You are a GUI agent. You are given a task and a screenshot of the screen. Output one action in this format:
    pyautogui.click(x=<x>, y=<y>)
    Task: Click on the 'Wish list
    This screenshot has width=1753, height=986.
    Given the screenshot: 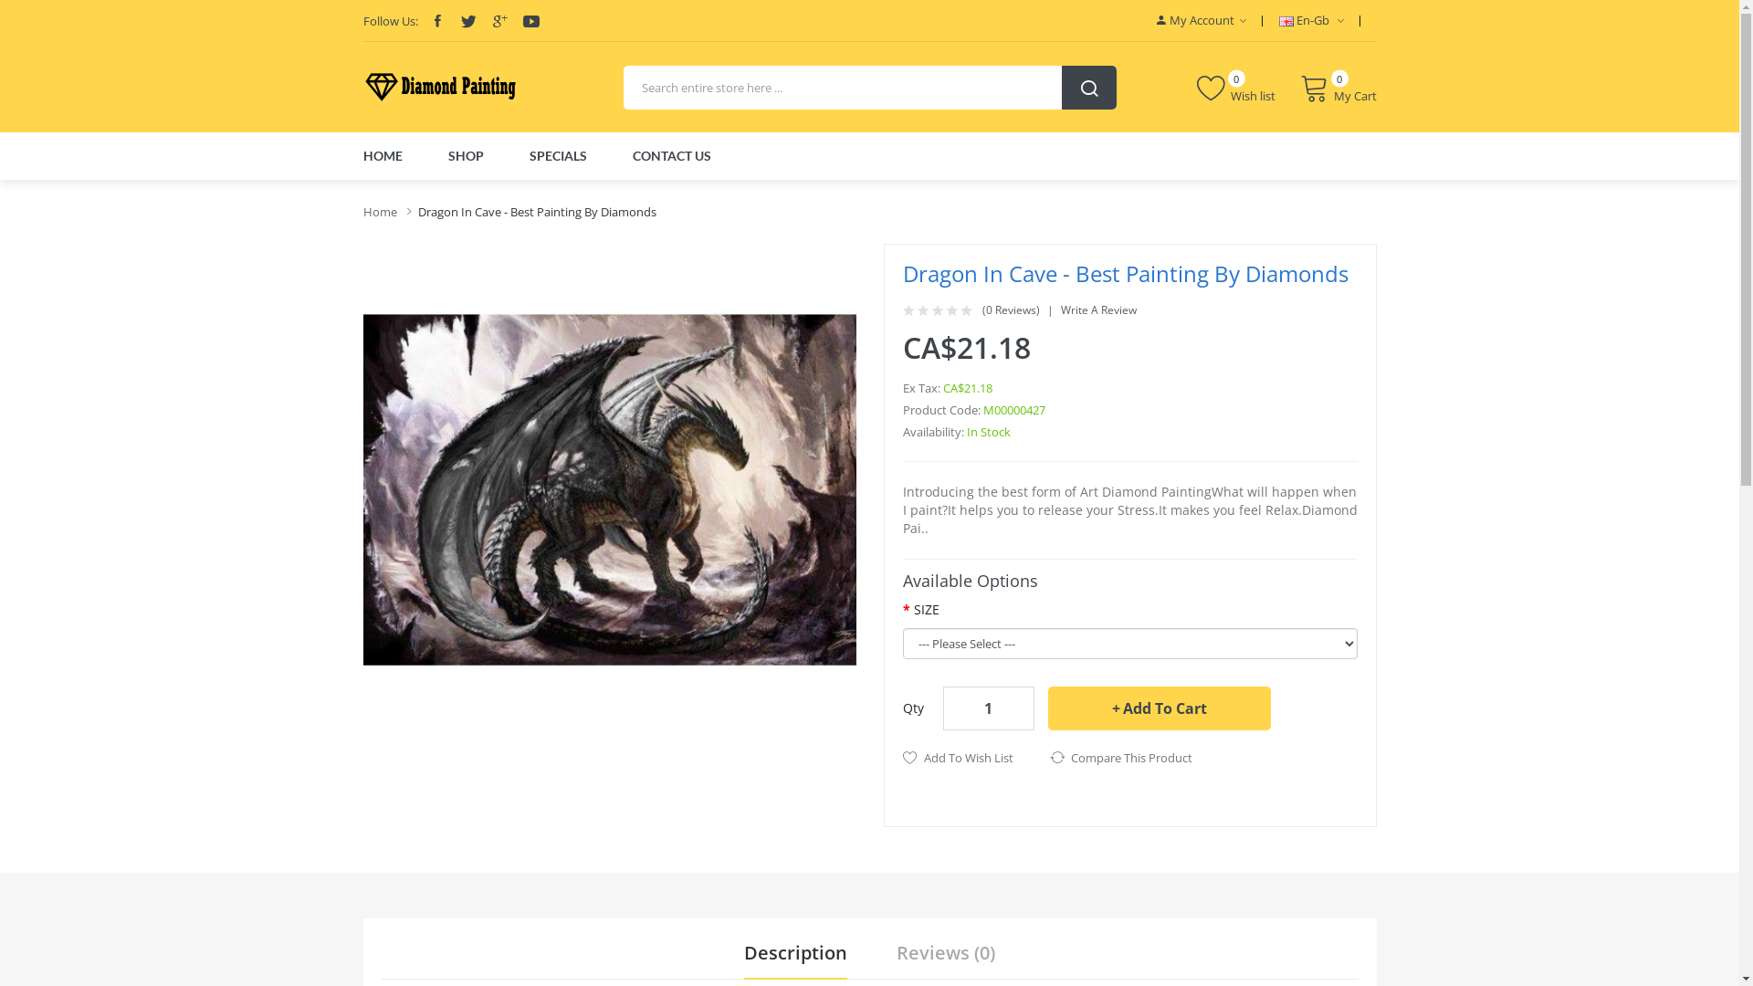 What is the action you would take?
    pyautogui.click(x=1235, y=88)
    